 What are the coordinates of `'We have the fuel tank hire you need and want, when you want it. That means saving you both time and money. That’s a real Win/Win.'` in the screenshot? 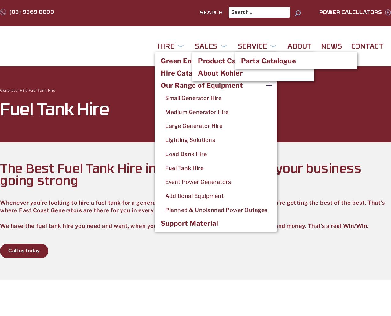 It's located at (184, 226).